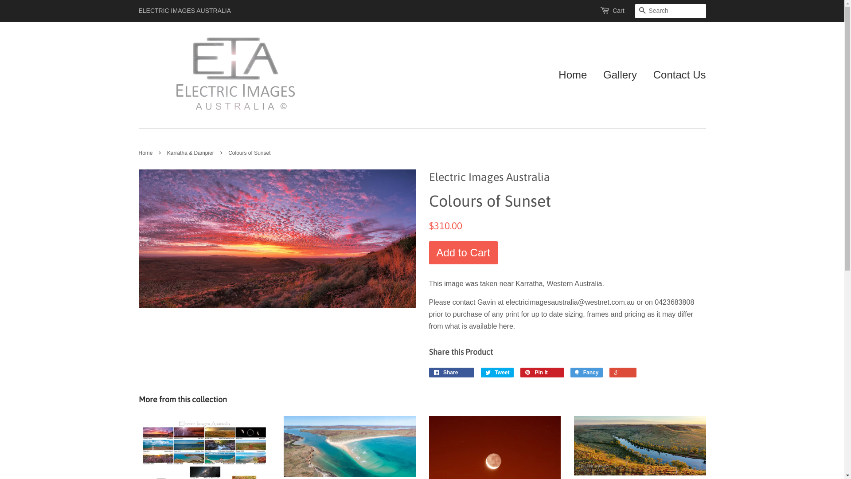 The width and height of the screenshot is (851, 479). Describe the element at coordinates (586, 373) in the screenshot. I see `'Fancy'` at that location.